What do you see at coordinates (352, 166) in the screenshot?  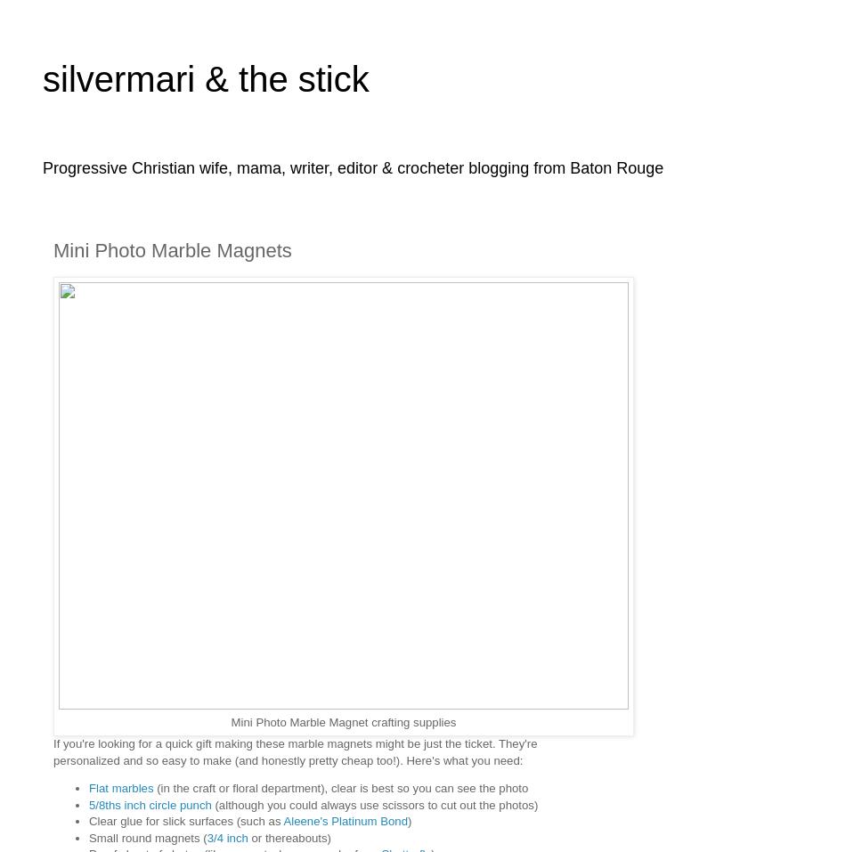 I see `'Progressive Christian wife, mama, writer, editor & crocheter blogging from Baton Rouge'` at bounding box center [352, 166].